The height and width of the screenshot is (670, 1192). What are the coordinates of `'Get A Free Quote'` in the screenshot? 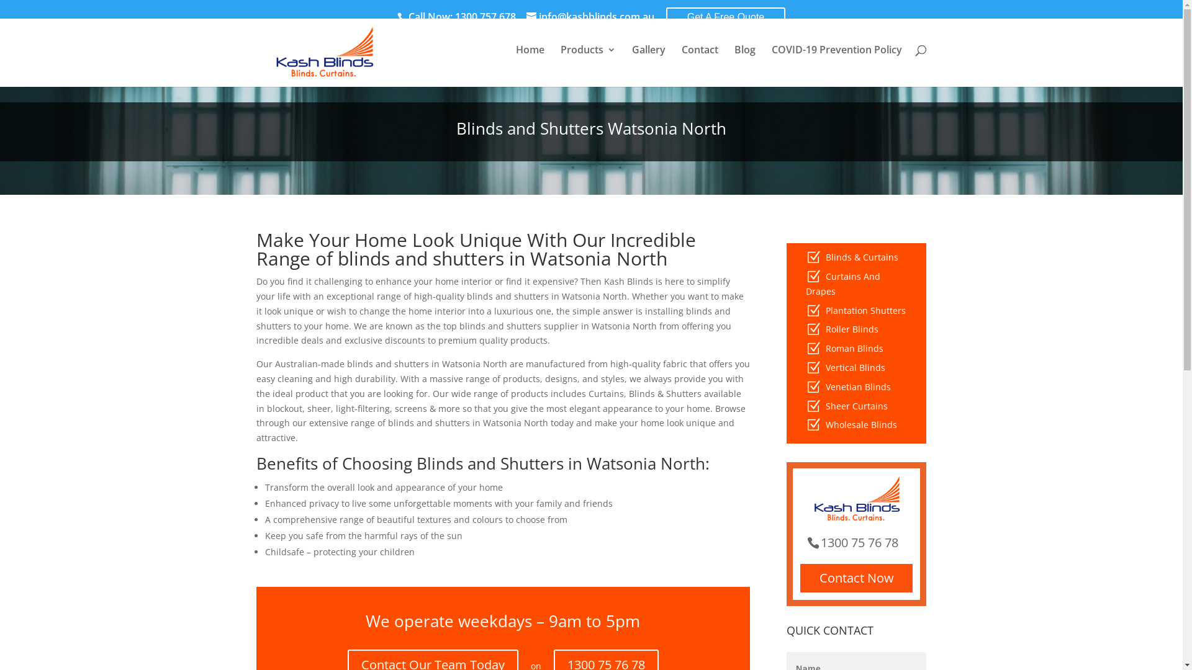 It's located at (666, 17).